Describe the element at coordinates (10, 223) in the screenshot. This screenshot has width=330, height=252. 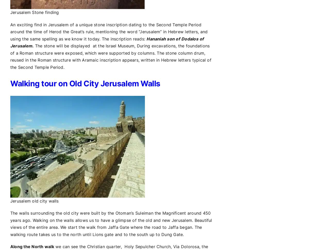
I see `'The walls surrounding the old city were built by the Otoman’s Suleiman the Magnificent around 450 years ago. Walking on the walls allows us to have a glimpse of the old and new Jerusalem. Beautiful views of the entire area. We start the walk from Jaffa Gate where the road to Jaffa began. The walking route takes us to the north until Lions gate and to the south up to Dung Gate.'` at that location.